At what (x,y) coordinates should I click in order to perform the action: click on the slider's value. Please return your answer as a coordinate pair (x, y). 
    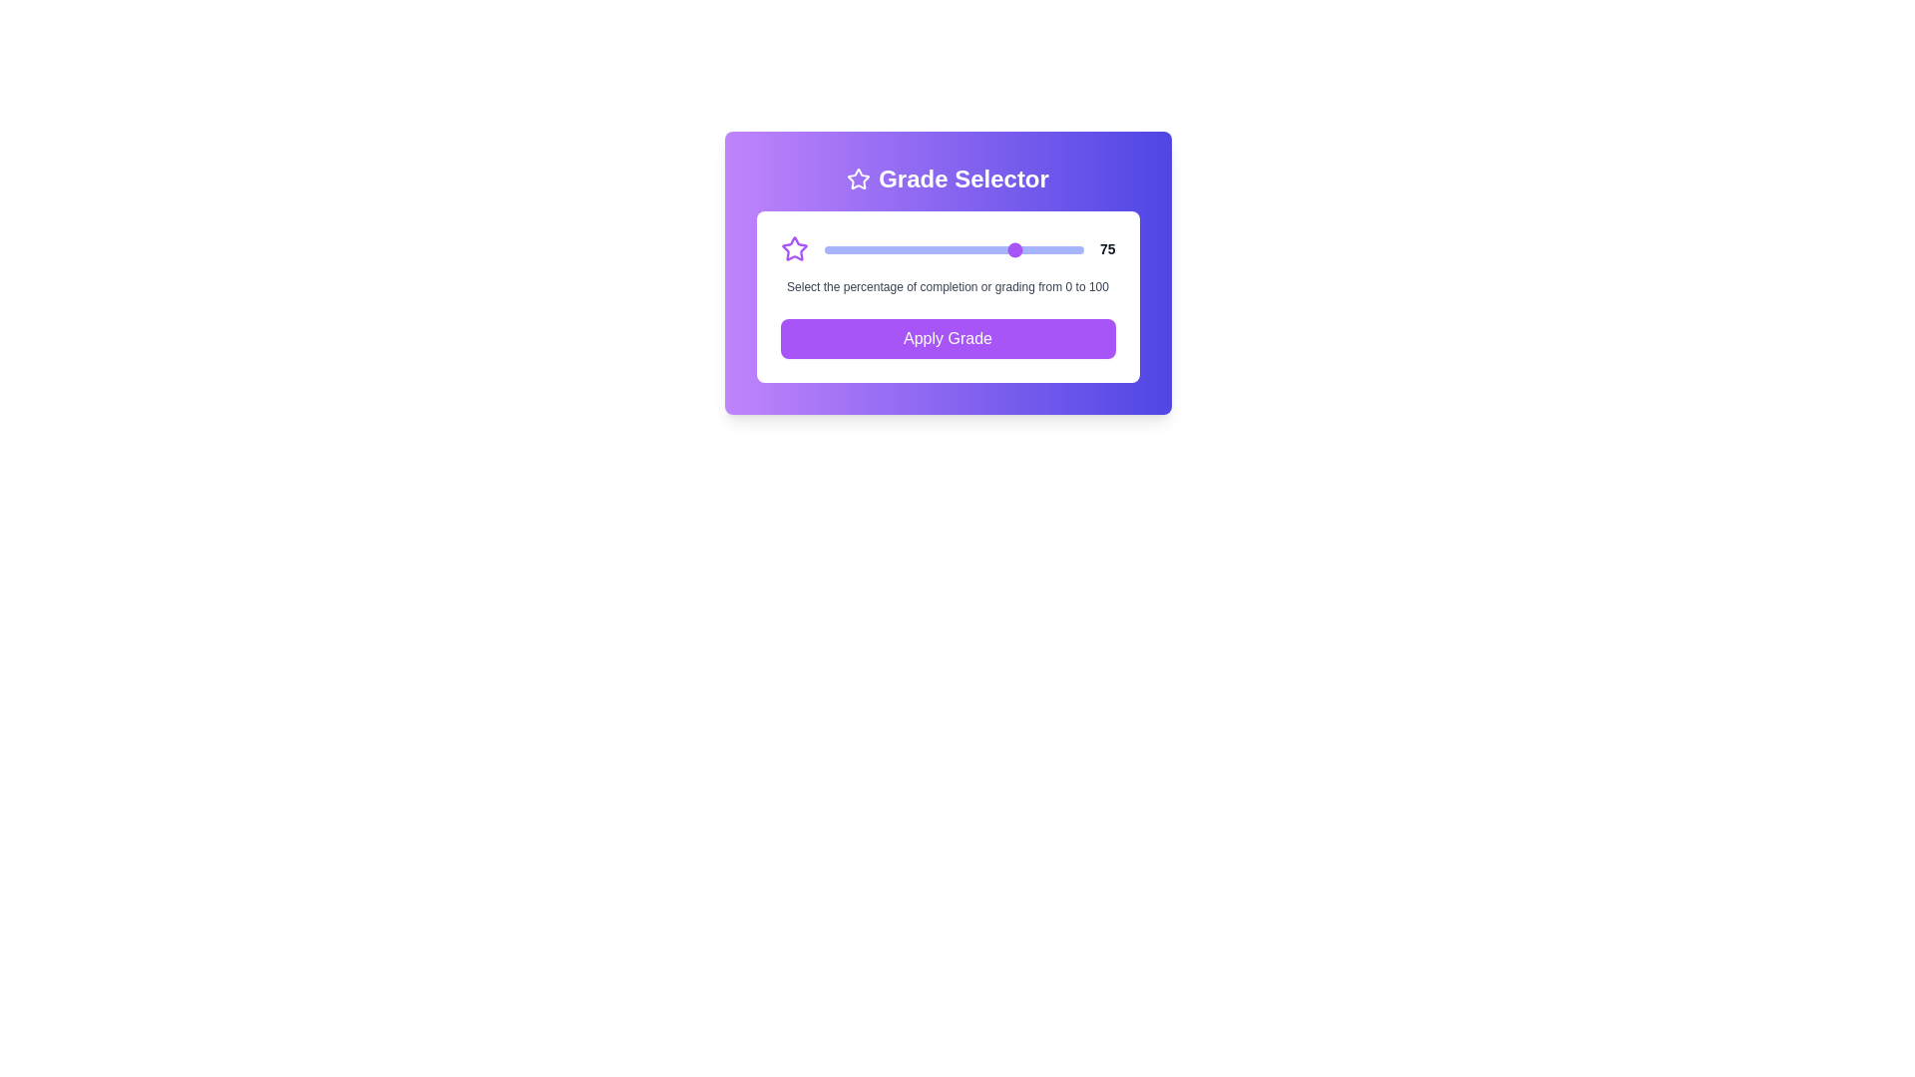
    Looking at the image, I should click on (850, 248).